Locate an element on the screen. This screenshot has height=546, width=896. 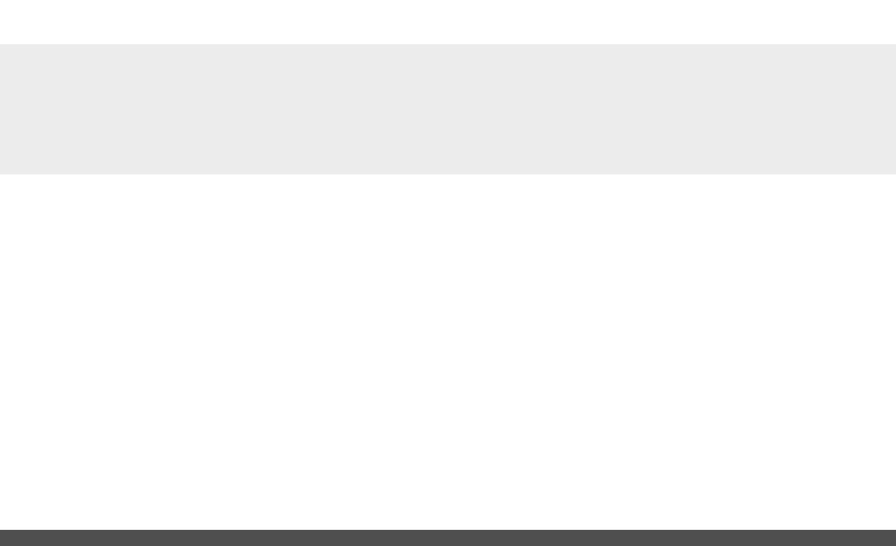
'2″' is located at coordinates (158, 428).